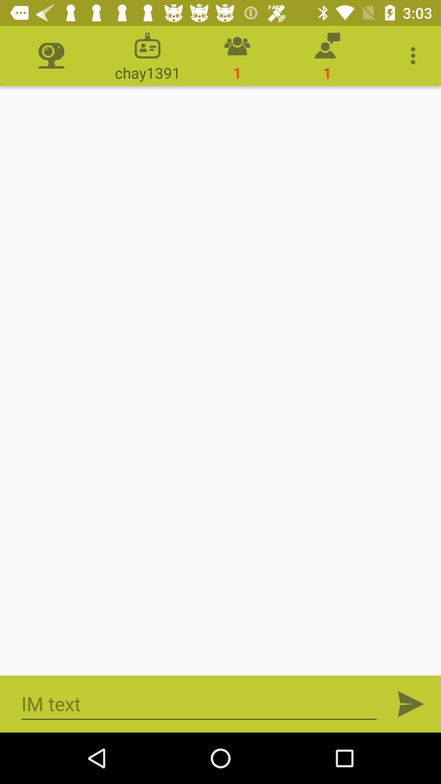 The image size is (441, 784). What do you see at coordinates (199, 704) in the screenshot?
I see `write` at bounding box center [199, 704].